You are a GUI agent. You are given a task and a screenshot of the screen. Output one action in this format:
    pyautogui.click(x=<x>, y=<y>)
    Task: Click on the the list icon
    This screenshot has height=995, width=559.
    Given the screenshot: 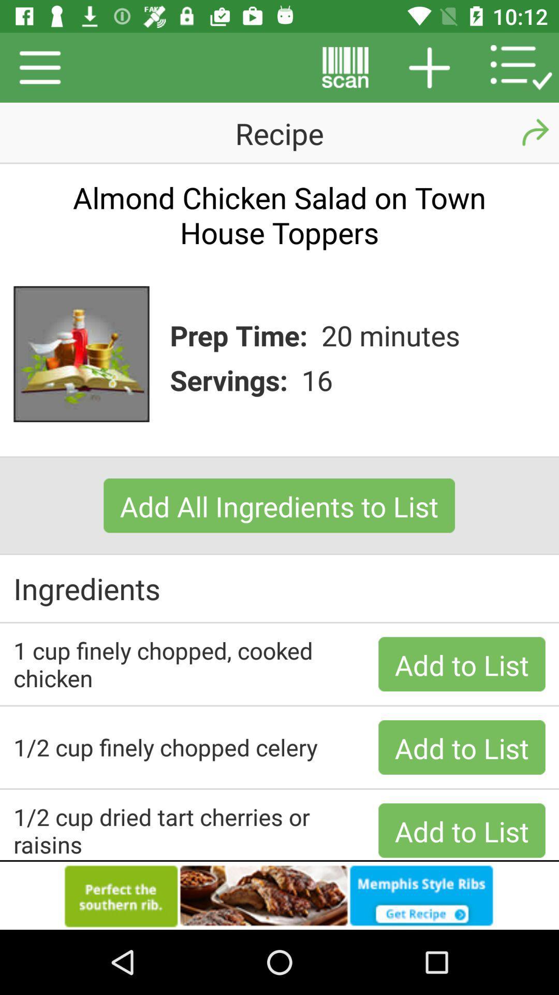 What is the action you would take?
    pyautogui.click(x=521, y=67)
    